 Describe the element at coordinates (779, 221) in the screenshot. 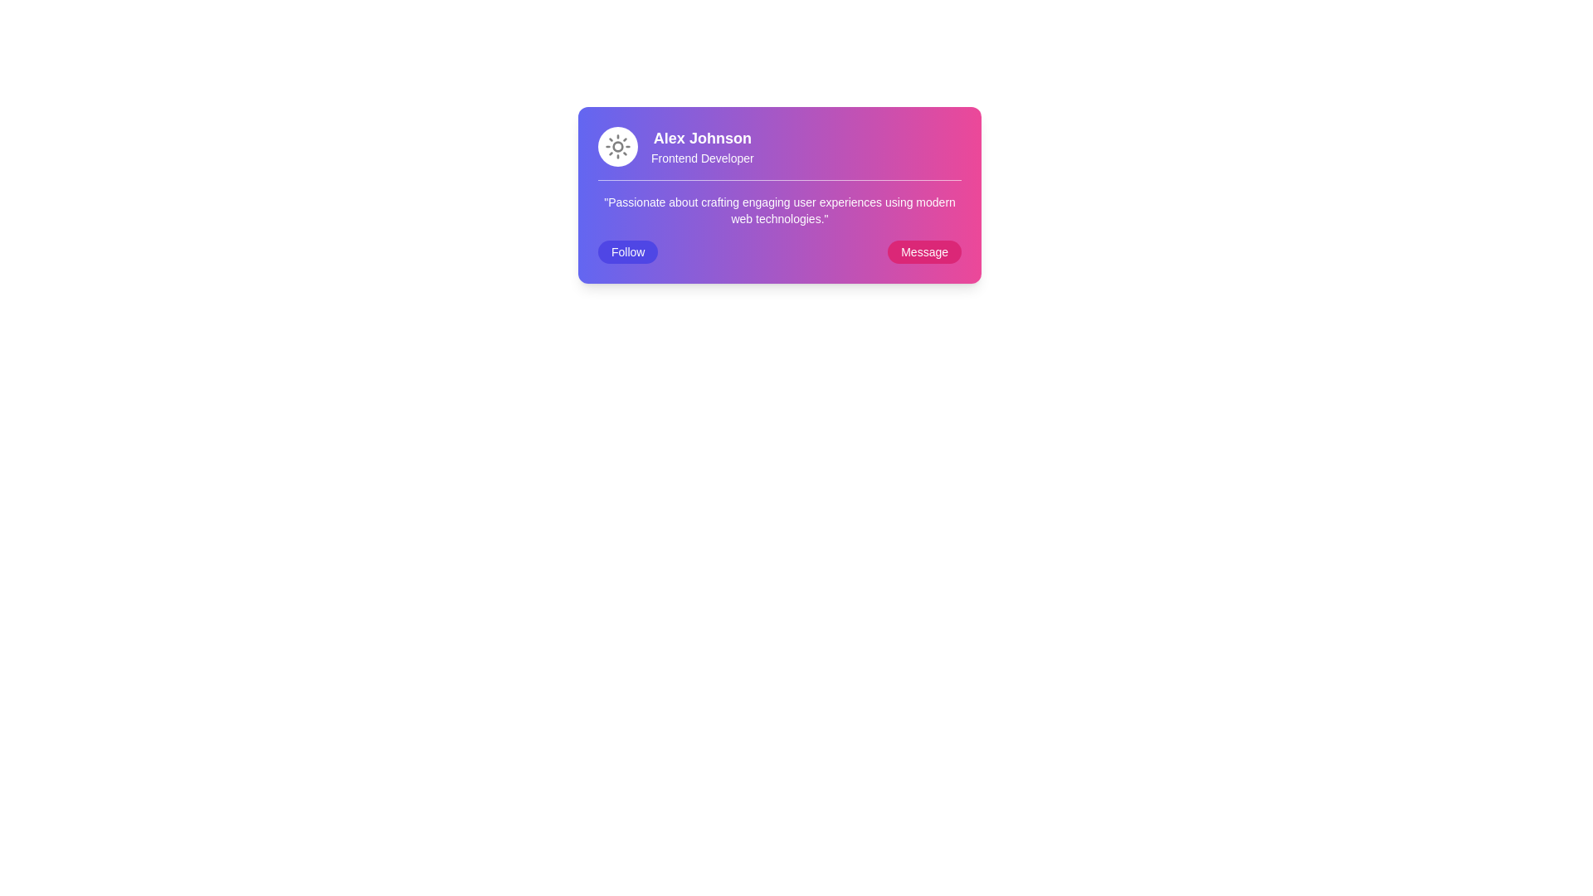

I see `the text label that states 'Passionate about crafting engaging user experiences using modern web technologies.' This text label is centrally positioned below the user's name and title, and above the 'Follow' and 'Message' buttons within a modern web card format` at that location.